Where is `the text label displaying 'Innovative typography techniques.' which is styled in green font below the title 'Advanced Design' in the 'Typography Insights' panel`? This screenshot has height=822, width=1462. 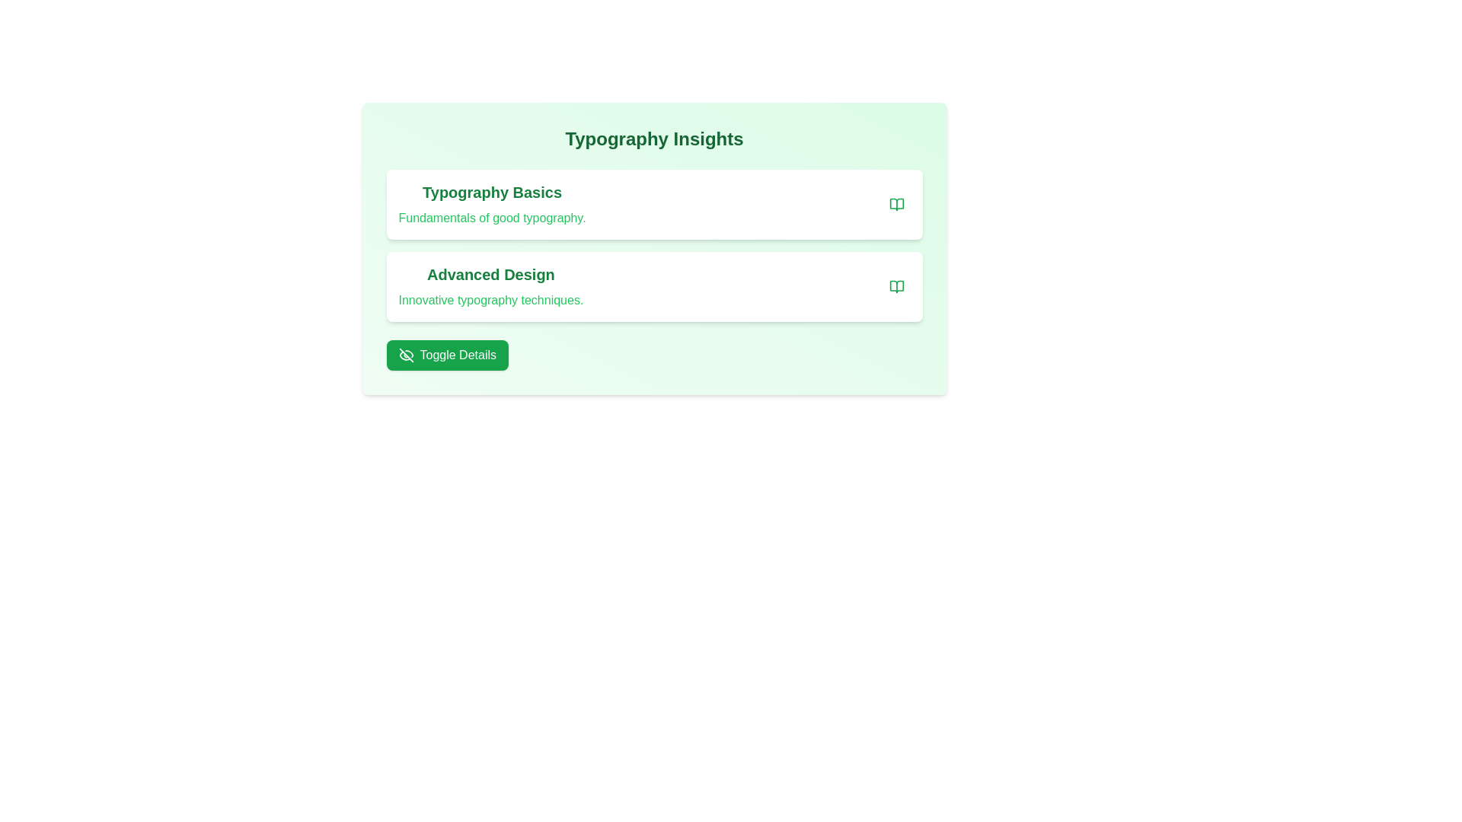
the text label displaying 'Innovative typography techniques.' which is styled in green font below the title 'Advanced Design' in the 'Typography Insights' panel is located at coordinates (490, 300).